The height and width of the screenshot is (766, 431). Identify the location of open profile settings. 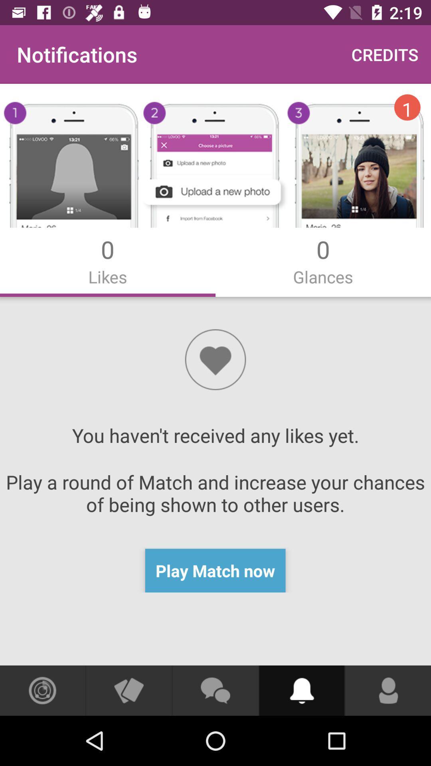
(388, 690).